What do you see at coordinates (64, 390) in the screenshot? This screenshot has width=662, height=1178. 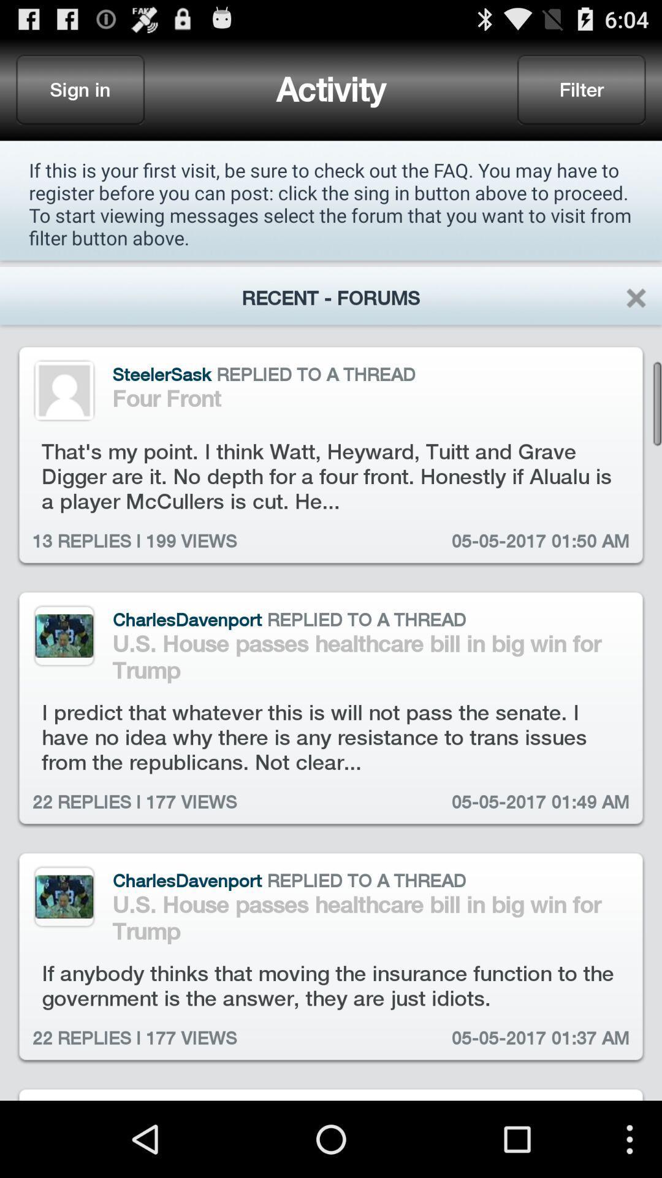 I see `user profile picture` at bounding box center [64, 390].